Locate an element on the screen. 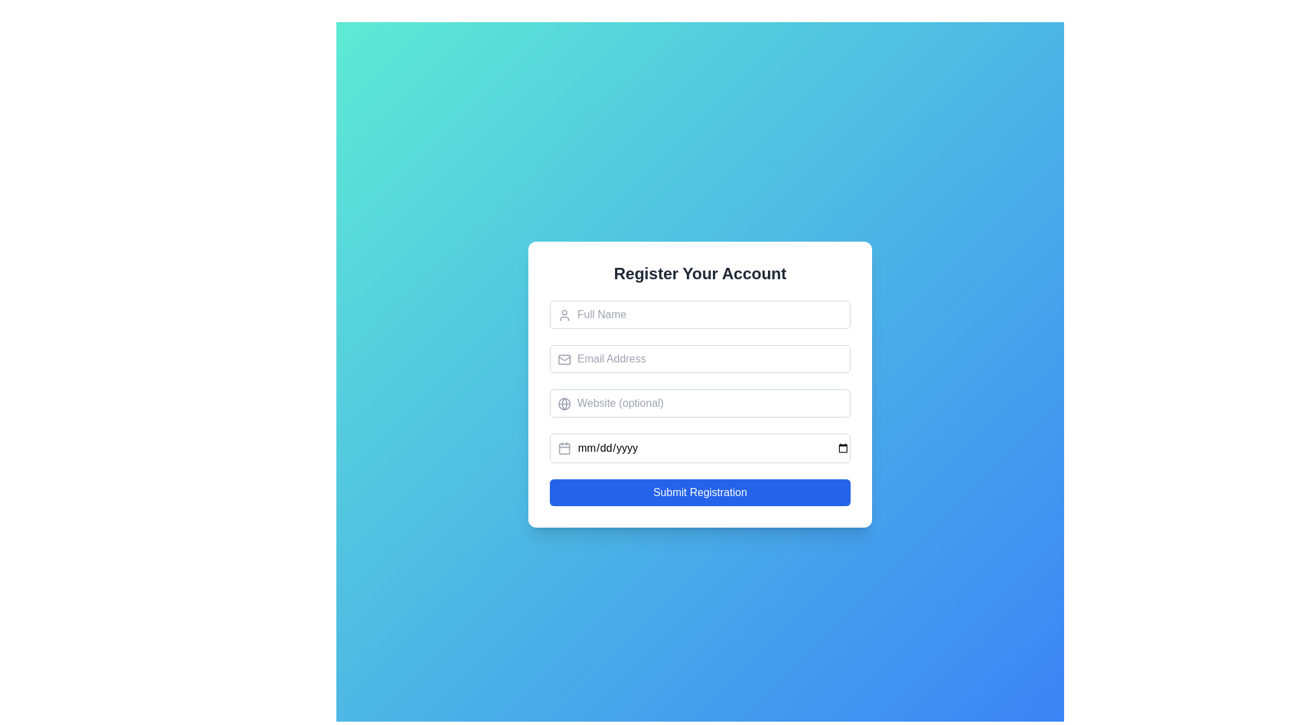 Image resolution: width=1289 pixels, height=725 pixels. the email input field located in the 'Register Your Account' form to focus on it for user input is located at coordinates (699, 358).